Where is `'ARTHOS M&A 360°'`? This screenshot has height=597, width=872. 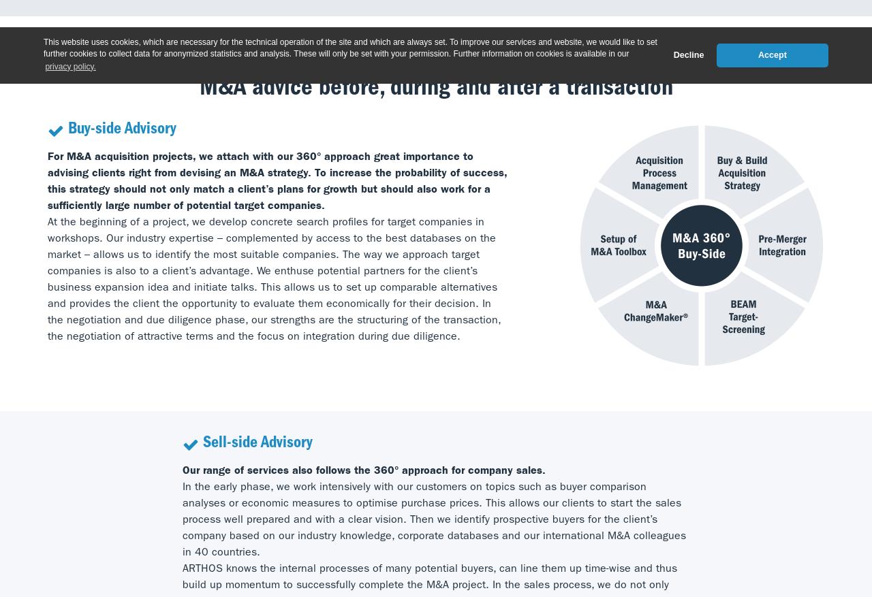
'ARTHOS M&A 360°' is located at coordinates (436, 49).